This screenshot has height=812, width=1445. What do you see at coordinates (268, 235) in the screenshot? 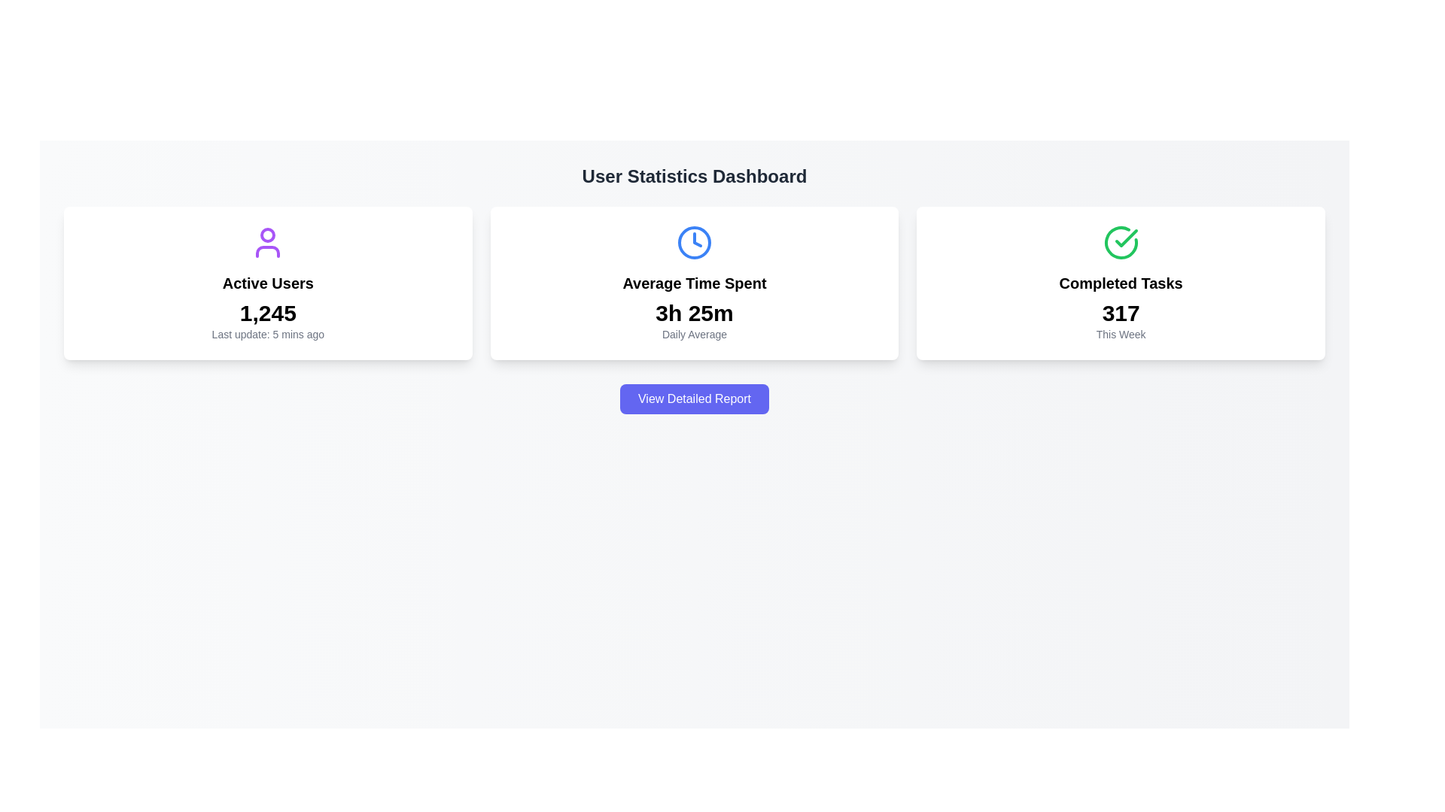
I see `the user head icon within the 'Active Users' card located at the top-center of the SVG icon` at bounding box center [268, 235].